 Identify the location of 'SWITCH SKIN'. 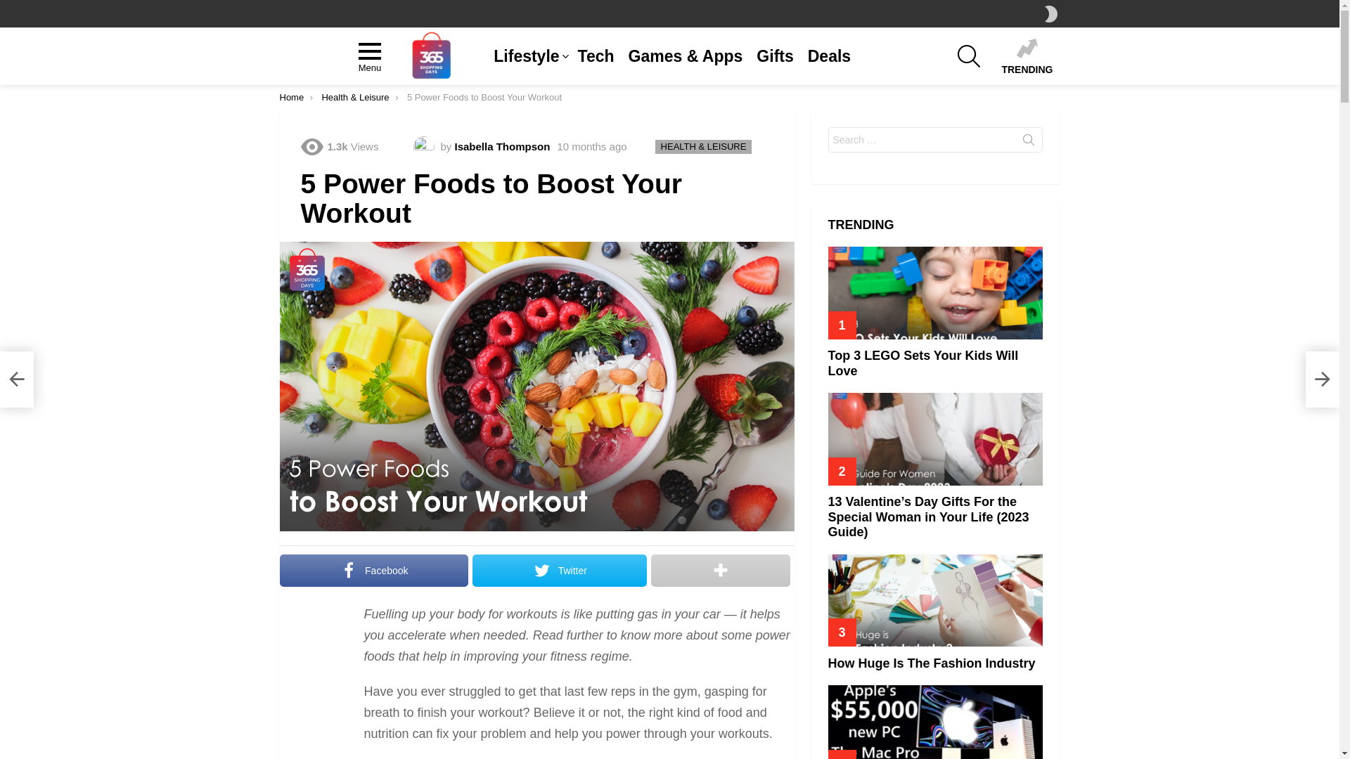
(1050, 13).